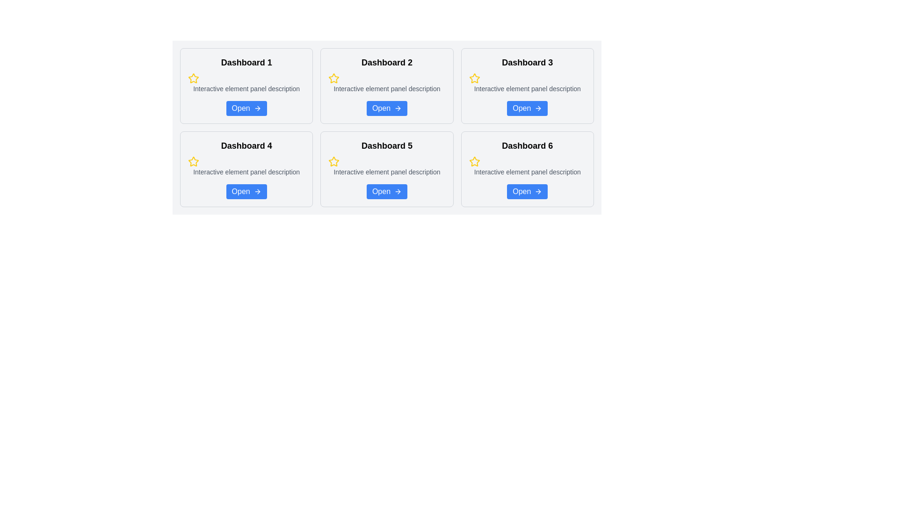 The image size is (898, 505). I want to click on the blue button labeled 'Open' with an arrow icon, so click(527, 108).